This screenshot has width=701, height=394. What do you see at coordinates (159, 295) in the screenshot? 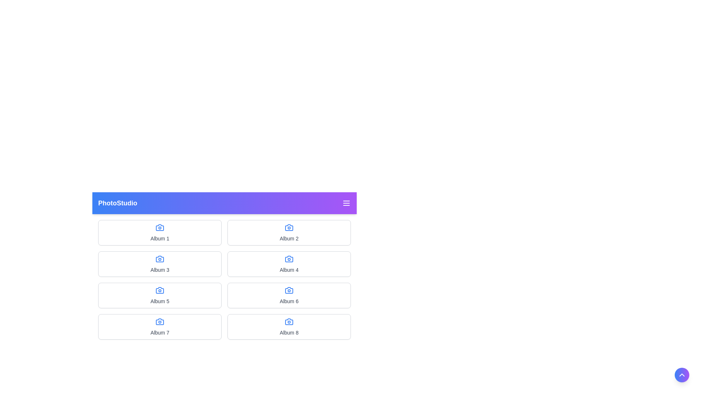
I see `the leftmost album card in the third row of the grid layout, which contains a camera icon and the label 'Album 5'` at bounding box center [159, 295].